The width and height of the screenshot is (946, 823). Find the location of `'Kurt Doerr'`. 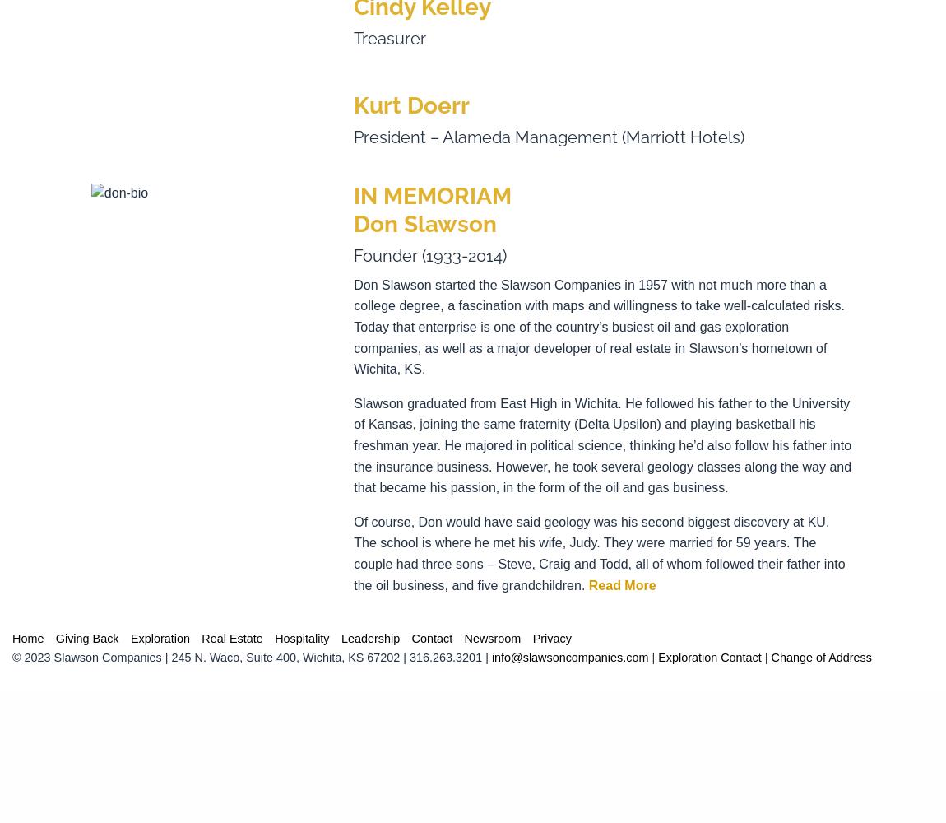

'Kurt Doerr' is located at coordinates (411, 105).